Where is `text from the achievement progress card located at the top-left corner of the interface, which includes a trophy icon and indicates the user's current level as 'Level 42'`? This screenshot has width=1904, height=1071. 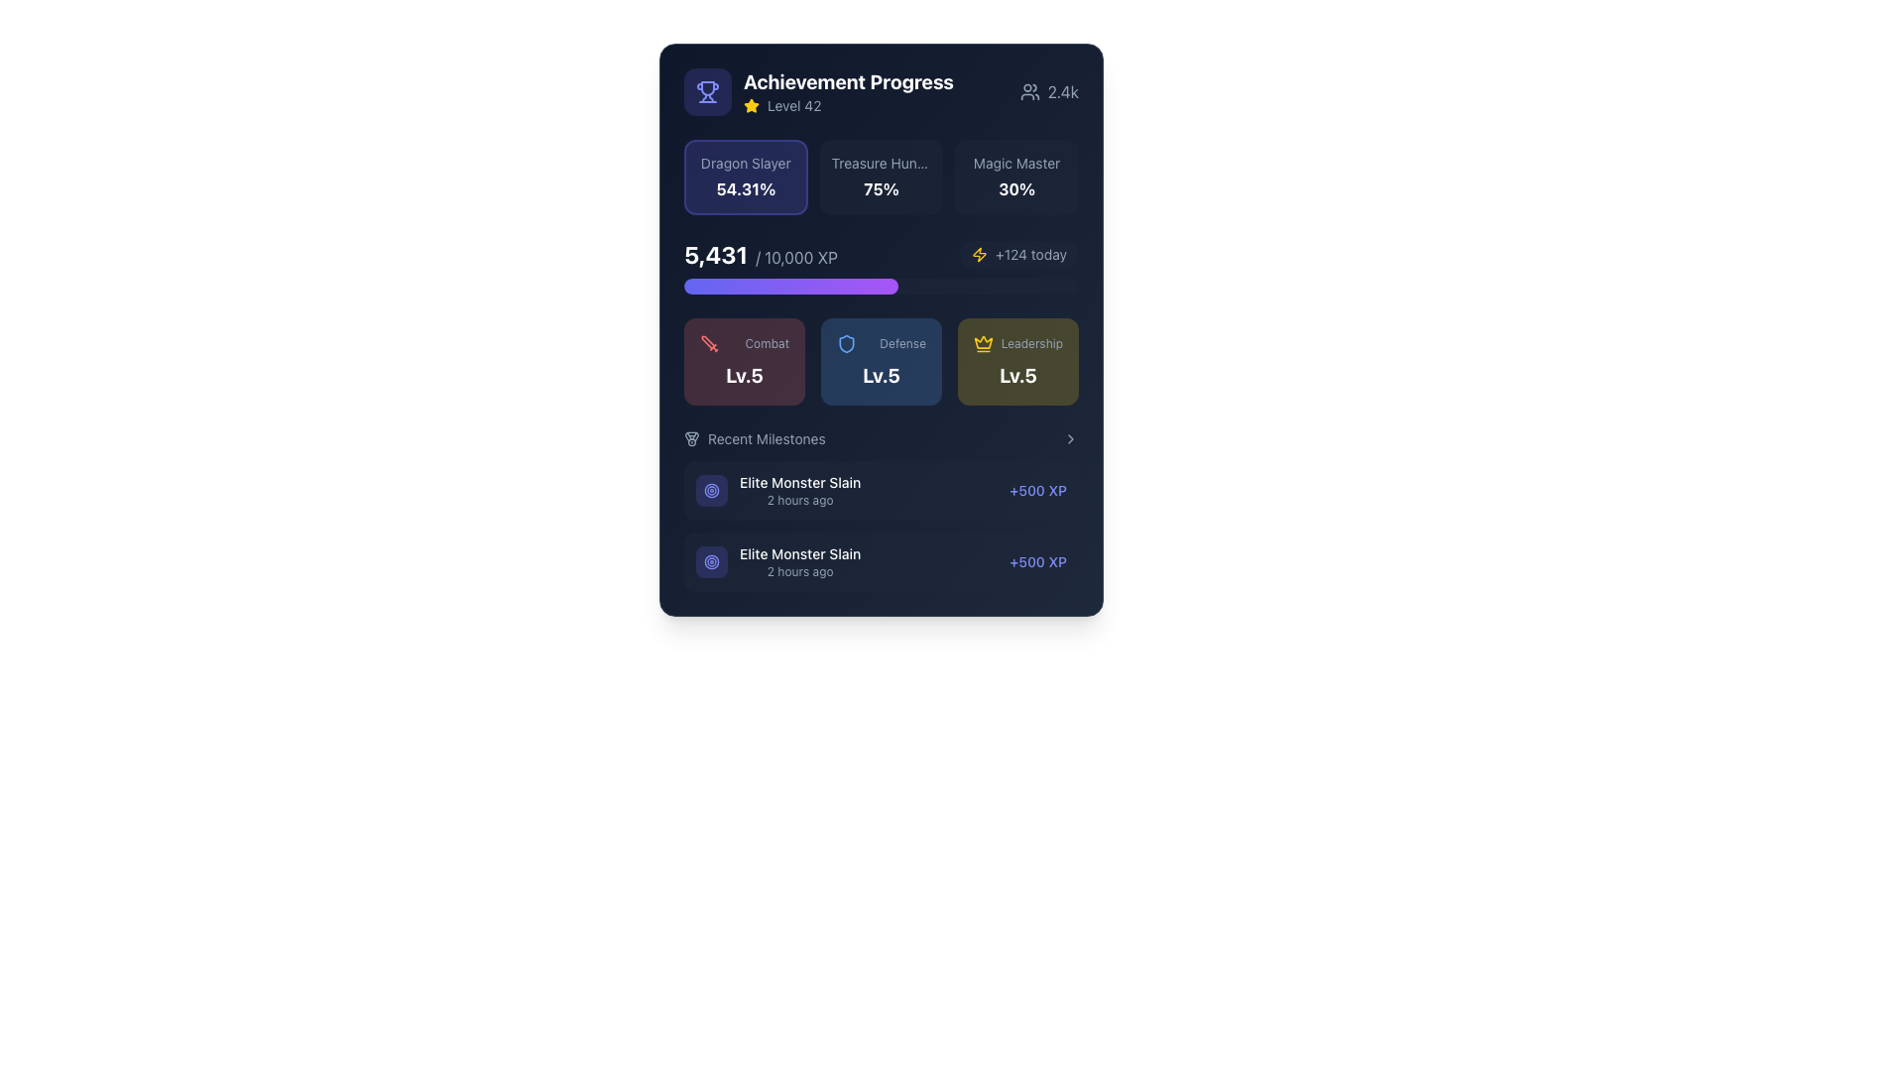 text from the achievement progress card located at the top-left corner of the interface, which includes a trophy icon and indicates the user's current level as 'Level 42' is located at coordinates (818, 91).